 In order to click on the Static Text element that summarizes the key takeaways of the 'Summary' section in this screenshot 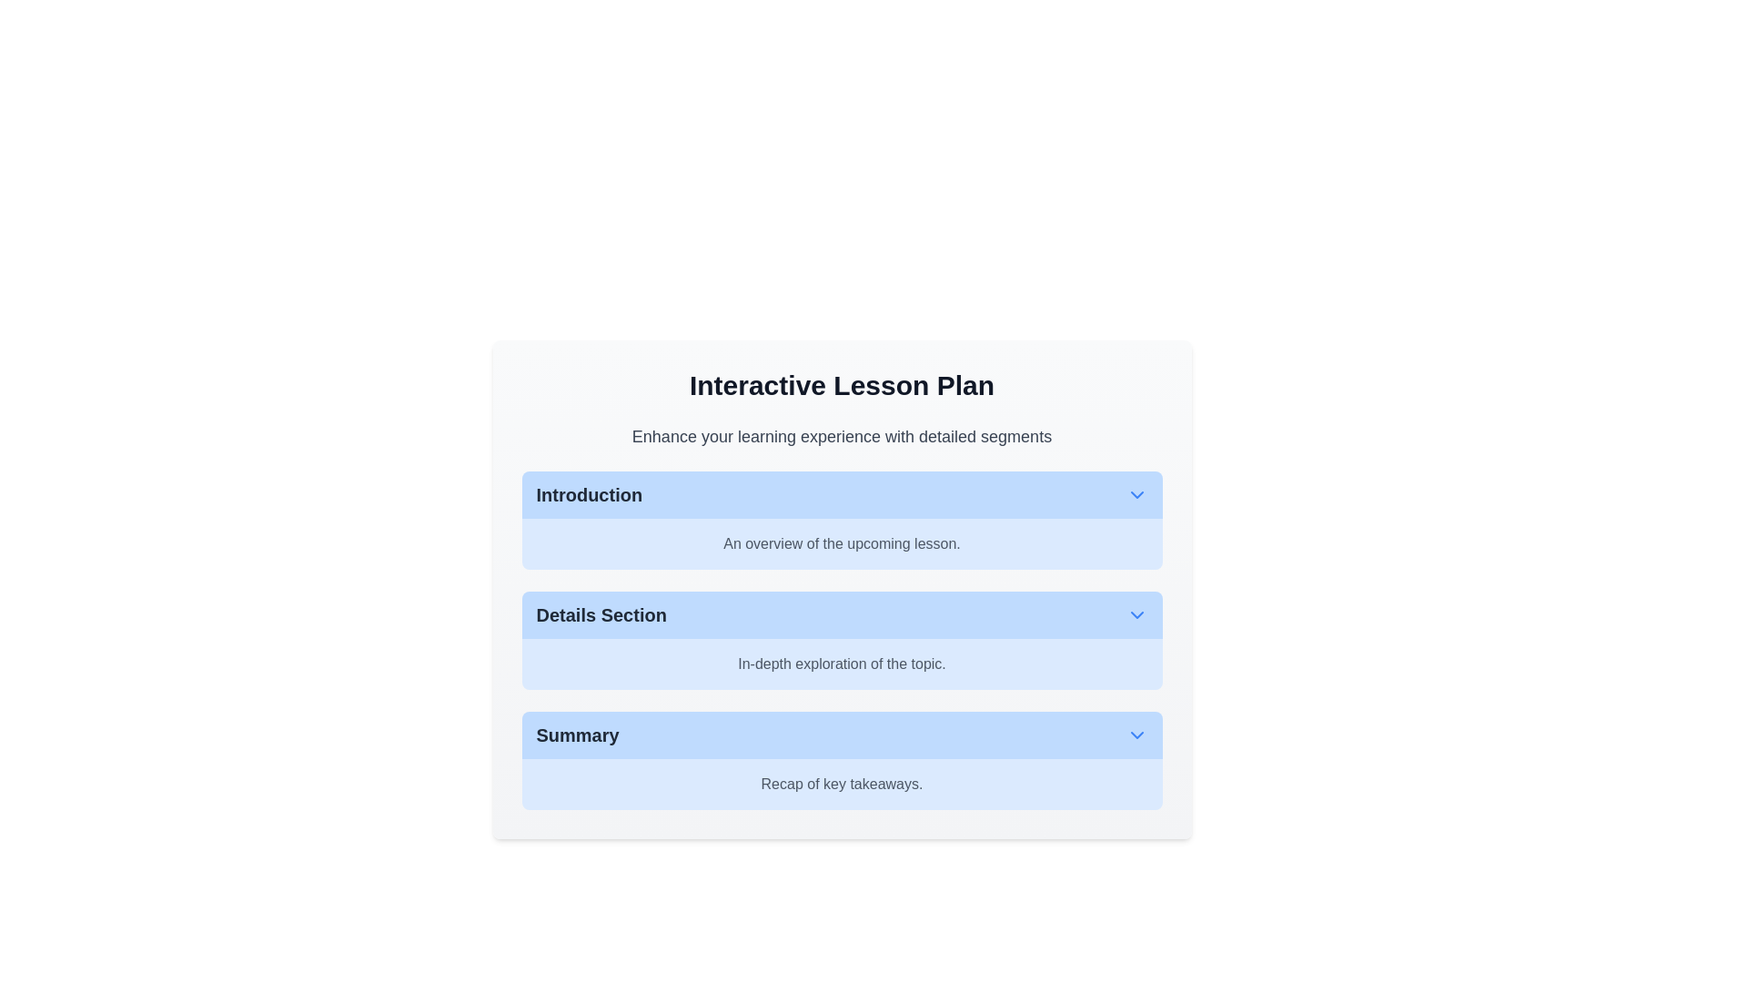, I will do `click(841, 783)`.